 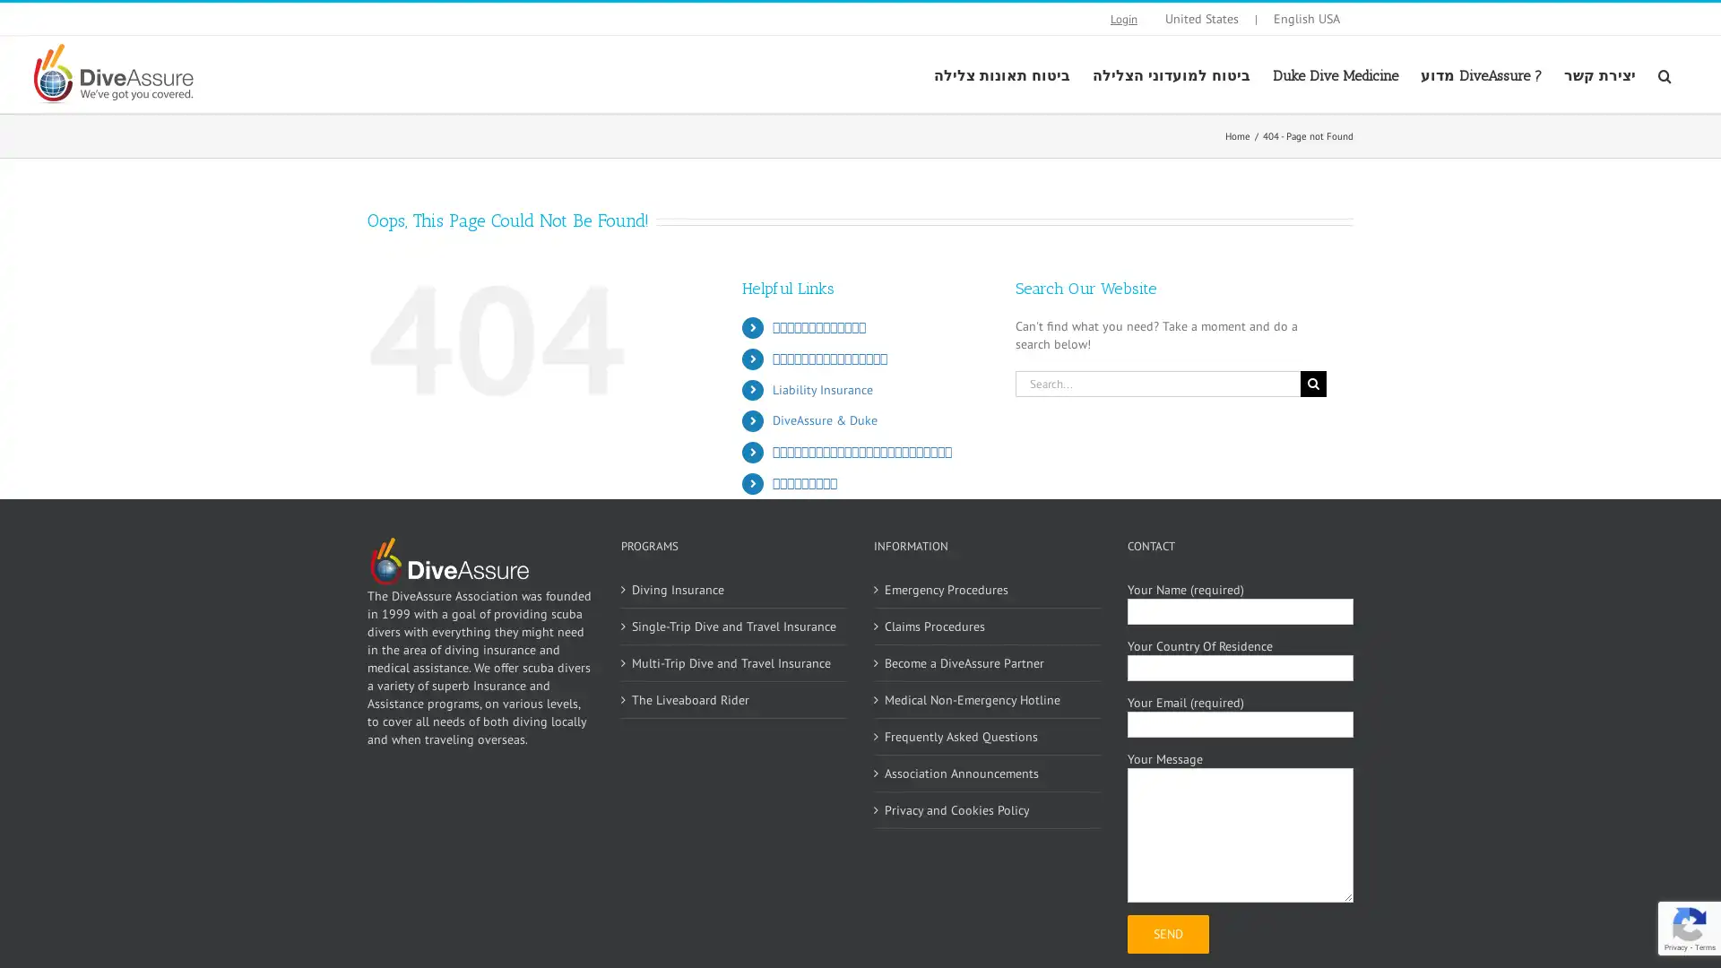 I want to click on Search, so click(x=1664, y=73).